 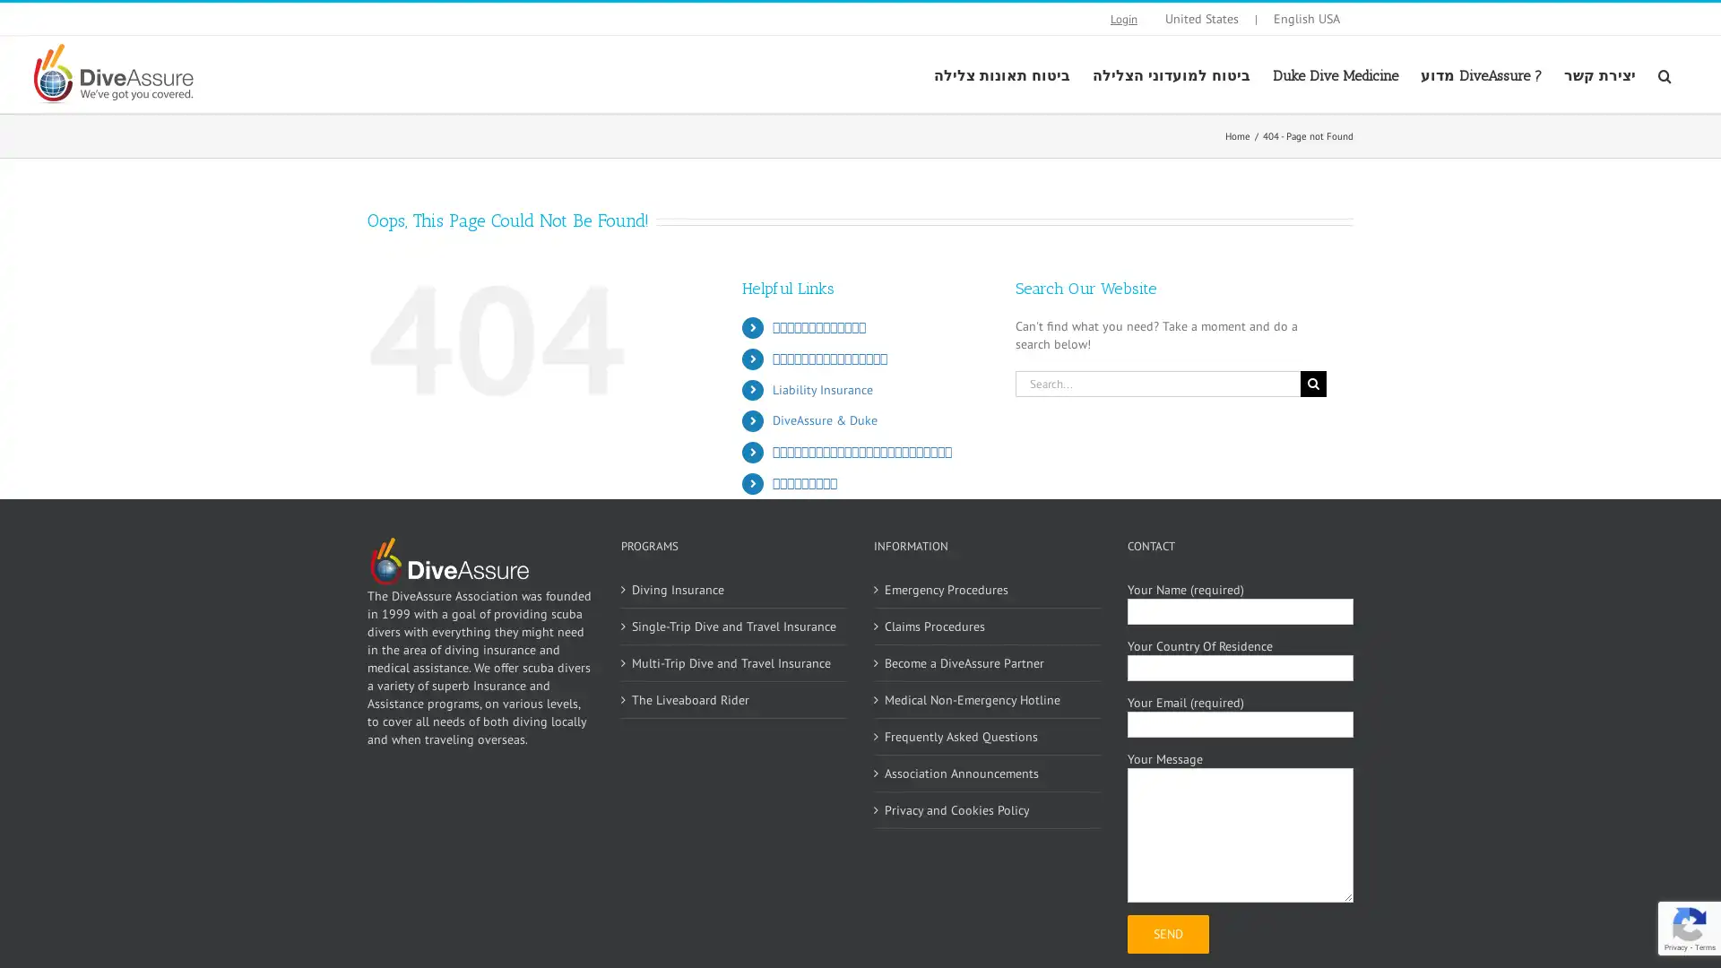 I want to click on Search, so click(x=1664, y=73).